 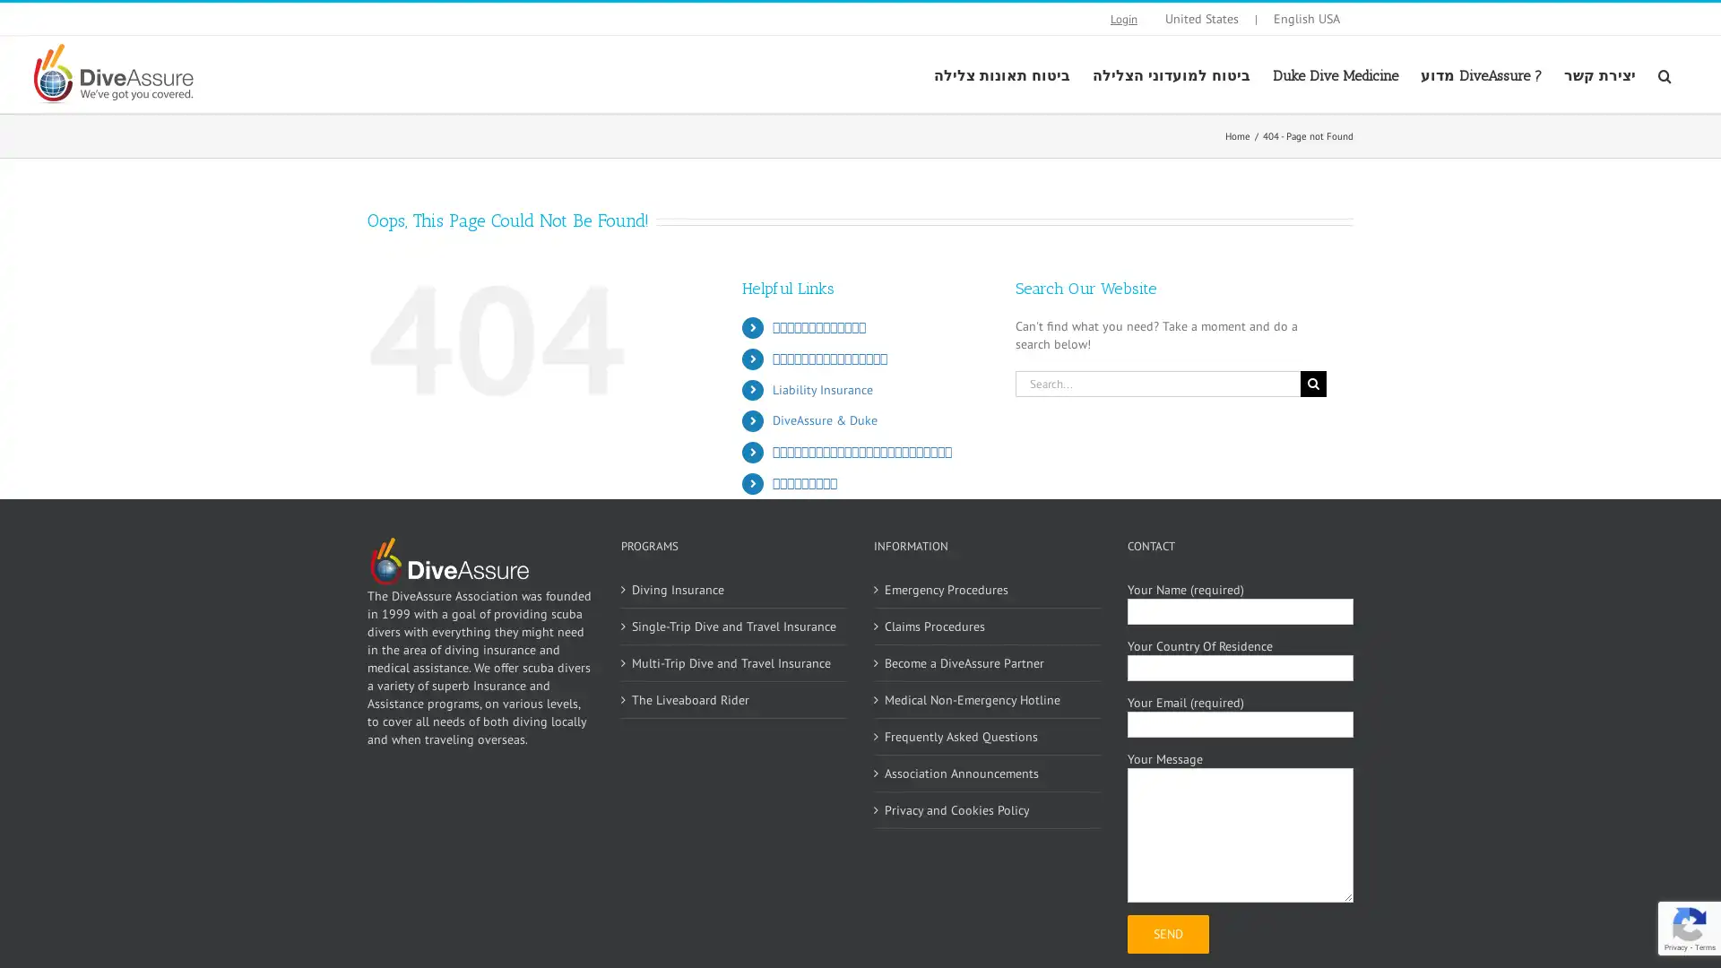 I want to click on Search, so click(x=1664, y=73).